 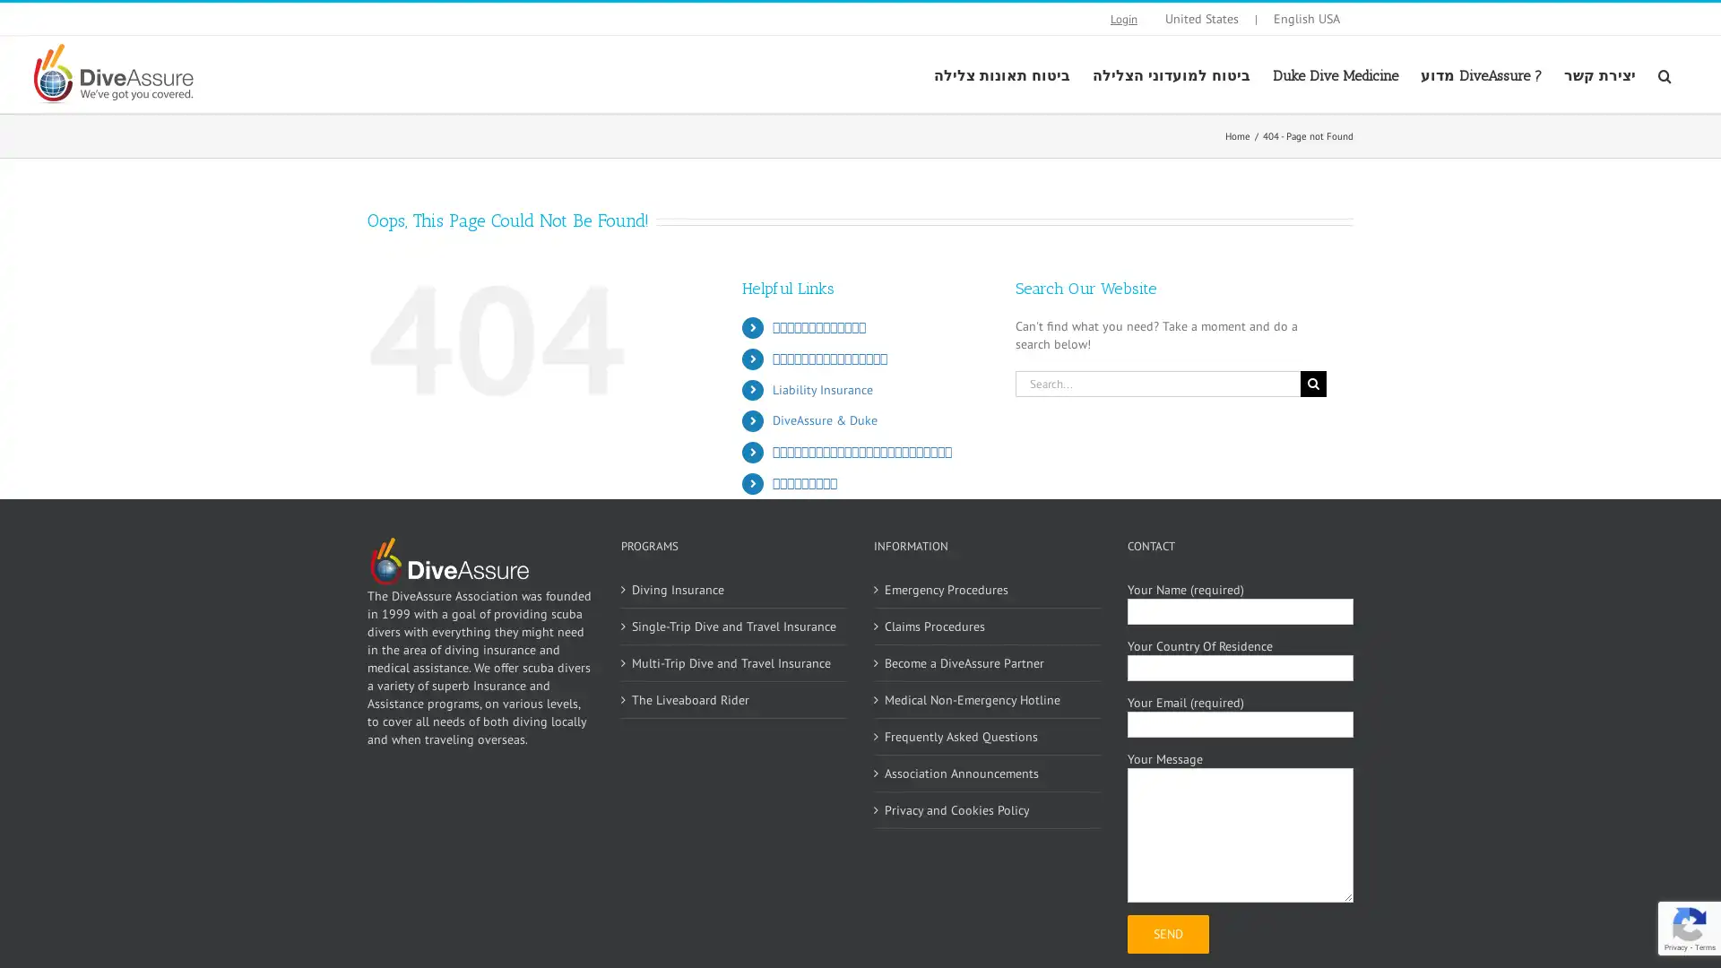 I want to click on Search, so click(x=1664, y=73).